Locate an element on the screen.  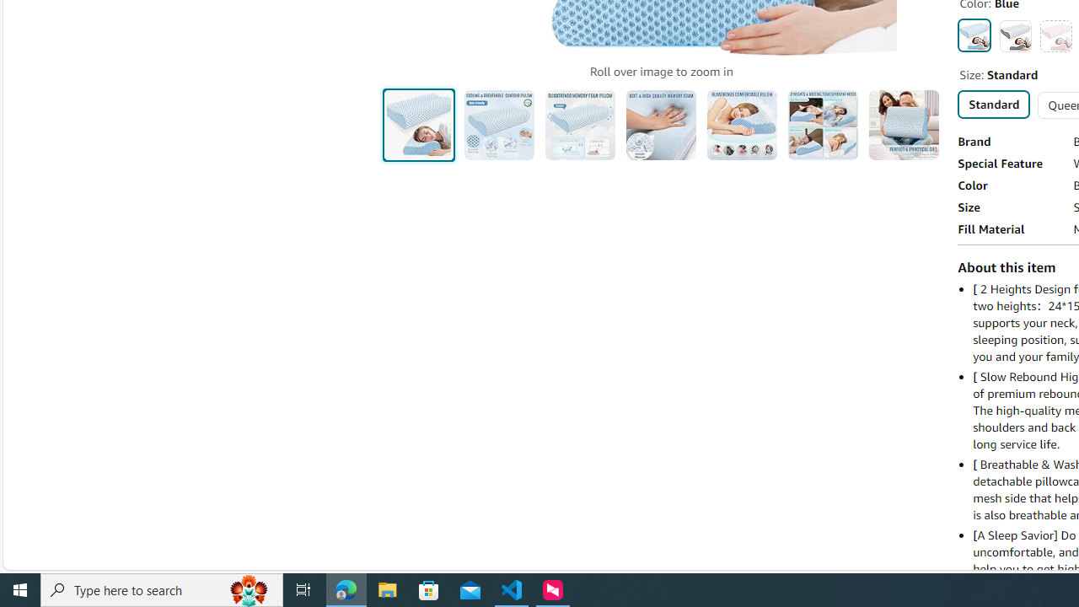
'Standard' is located at coordinates (993, 104).